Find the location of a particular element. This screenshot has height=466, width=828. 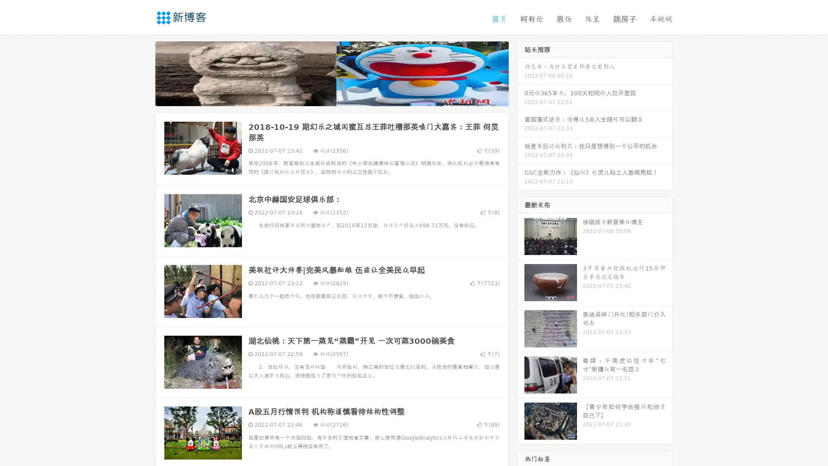

Next slide is located at coordinates (521, 72).